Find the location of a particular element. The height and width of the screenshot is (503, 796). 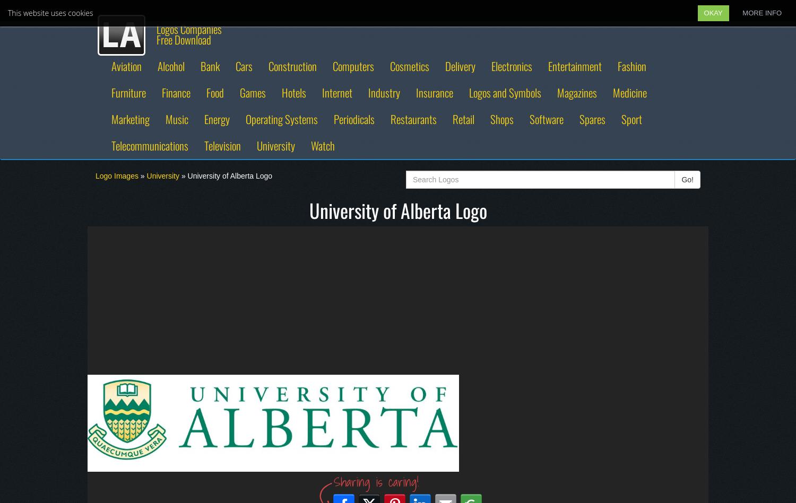

'Spares' is located at coordinates (592, 118).